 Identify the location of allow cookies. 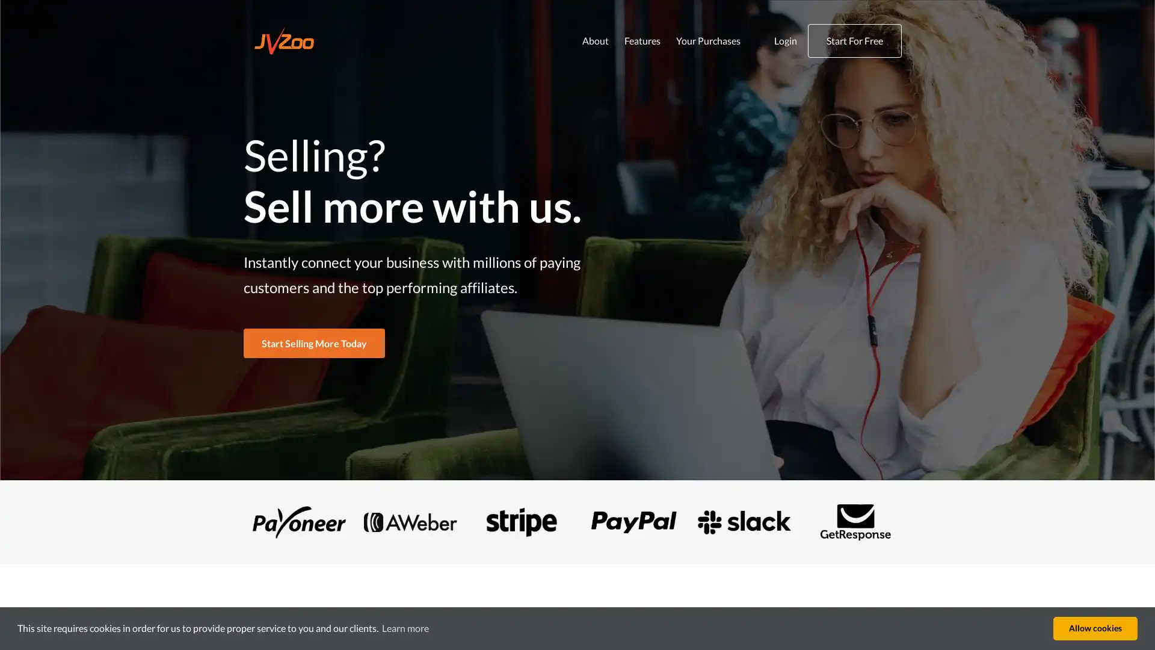
(1095, 628).